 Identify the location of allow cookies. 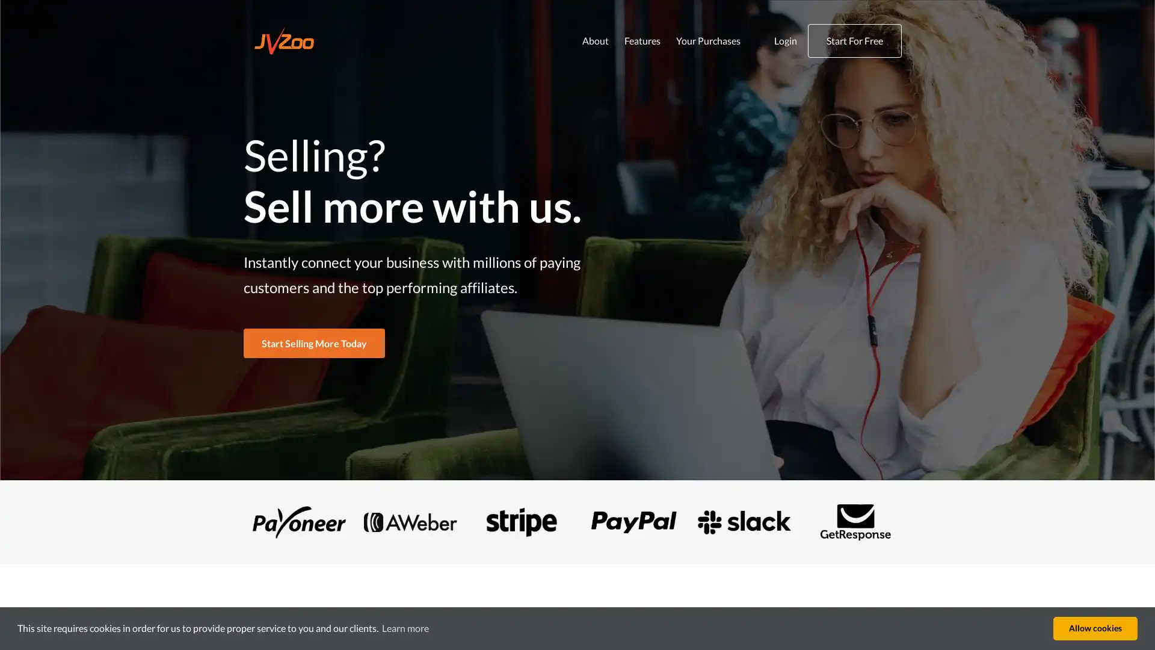
(1095, 628).